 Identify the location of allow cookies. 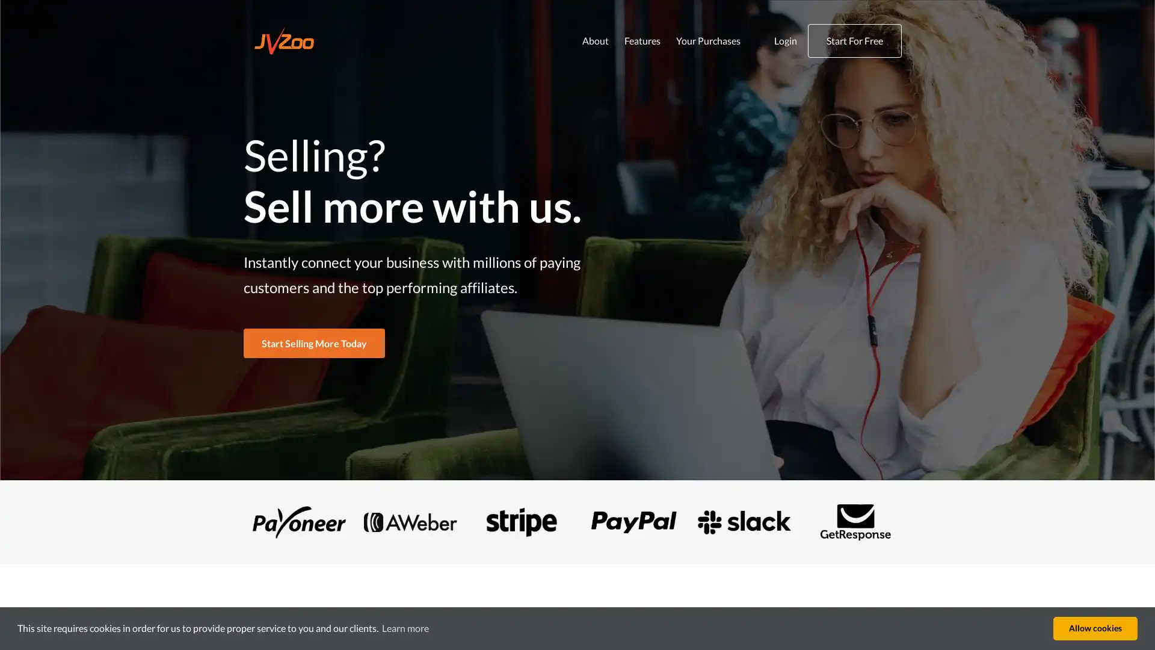
(1095, 628).